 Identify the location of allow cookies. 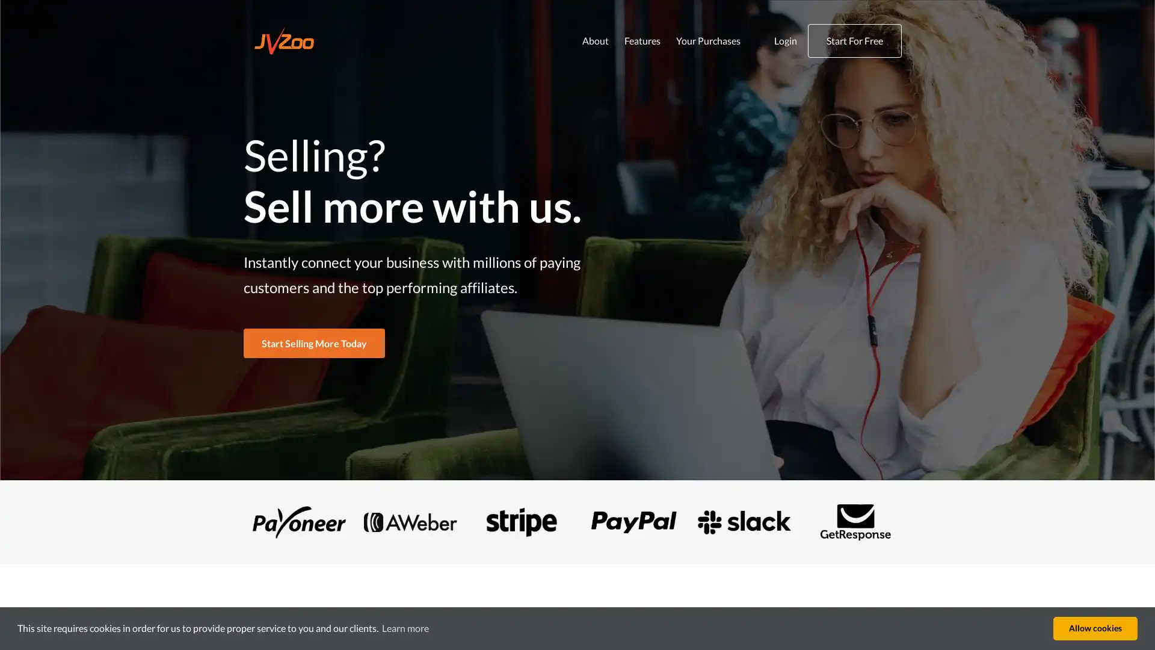
(1095, 628).